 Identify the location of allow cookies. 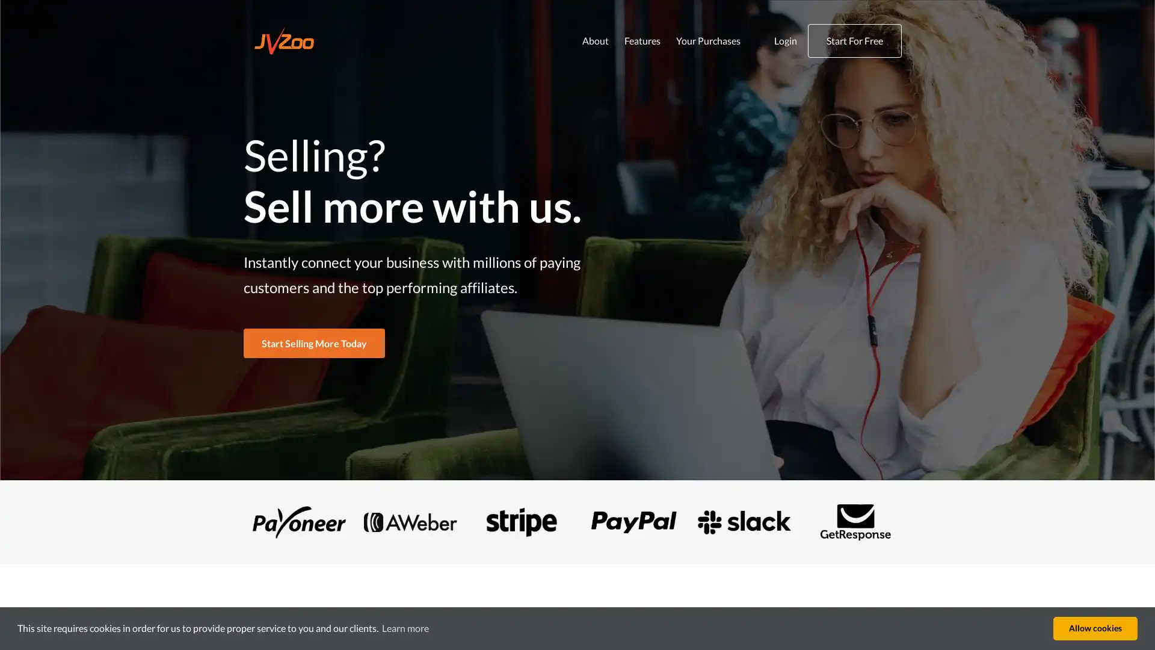
(1095, 628).